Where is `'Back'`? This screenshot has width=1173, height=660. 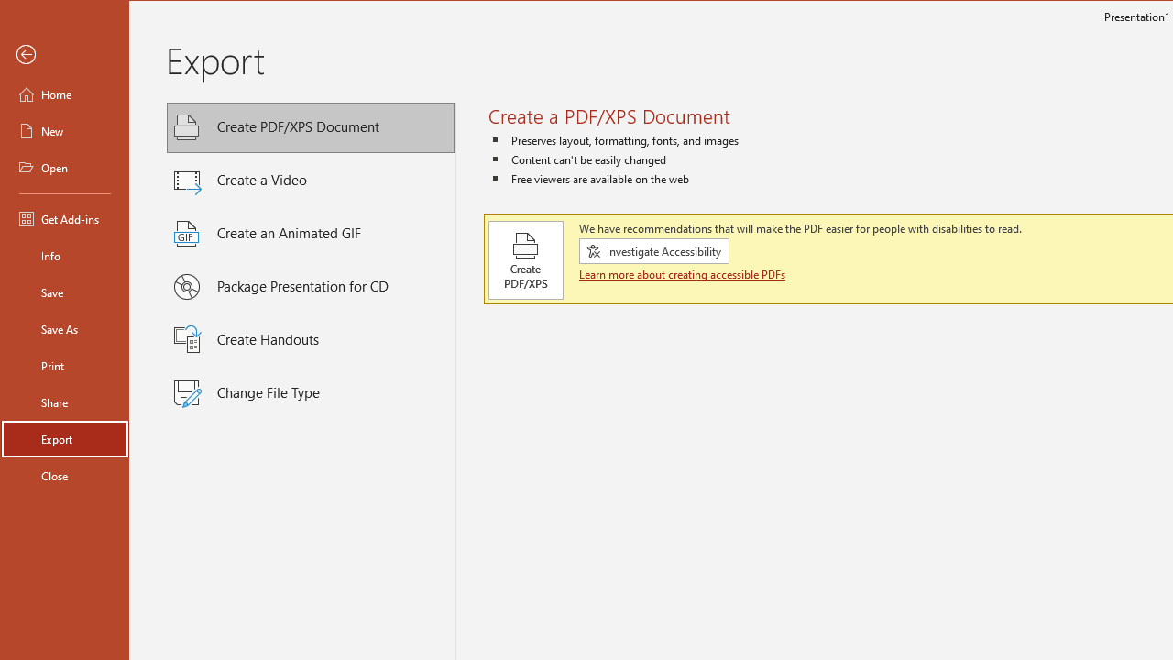 'Back' is located at coordinates (65, 54).